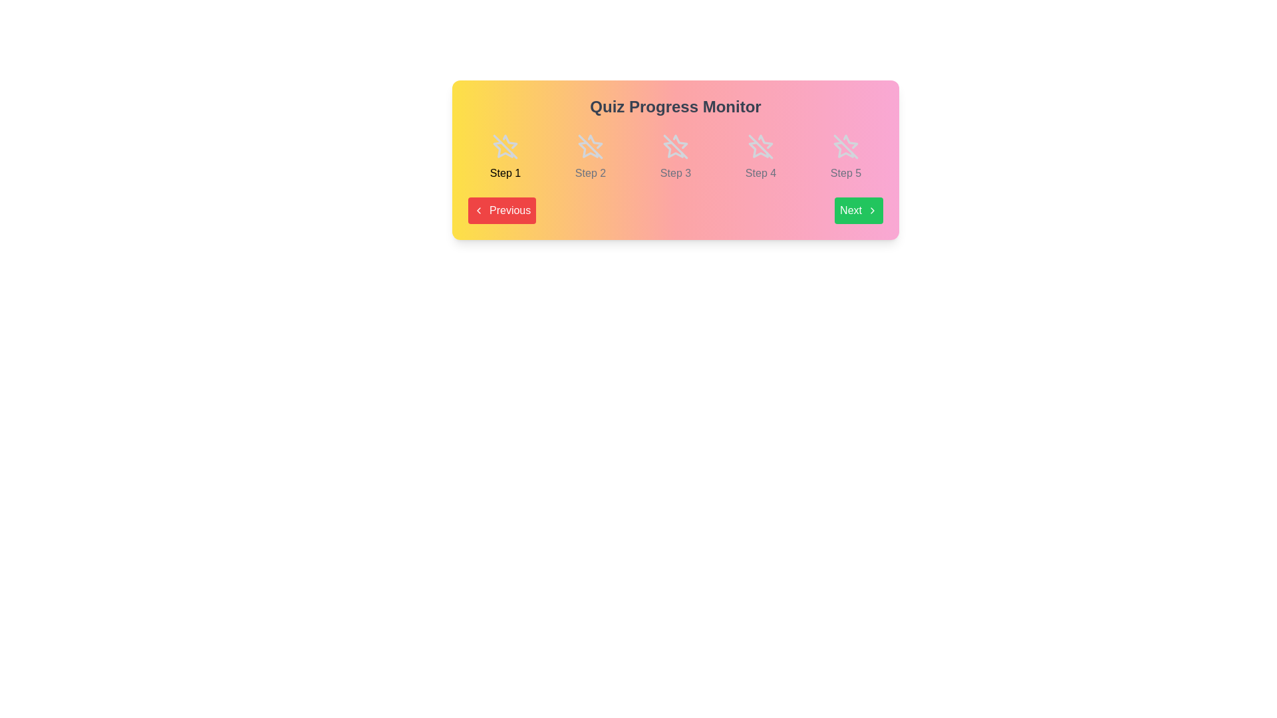 This screenshot has height=718, width=1277. What do you see at coordinates (760, 156) in the screenshot?
I see `the inactive 'Step 4' indicator, which consists of an icon and text in a horizontally aligned list of steps` at bounding box center [760, 156].